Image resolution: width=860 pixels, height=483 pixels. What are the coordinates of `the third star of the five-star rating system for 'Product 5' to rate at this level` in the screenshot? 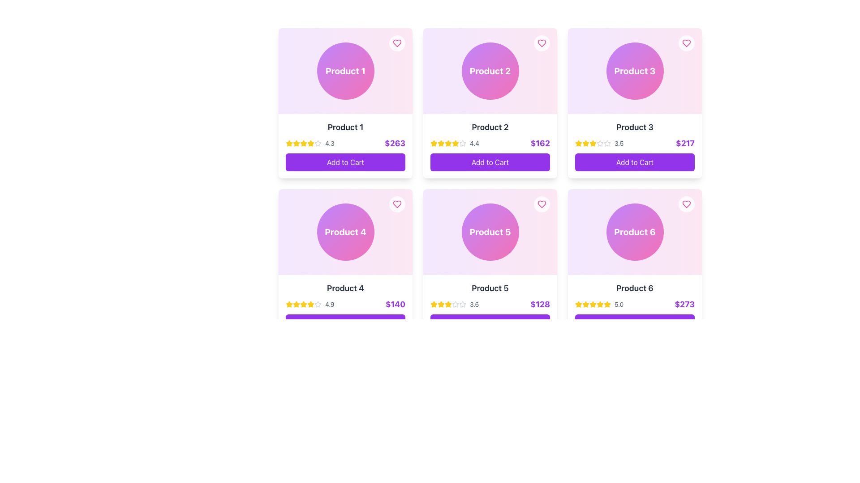 It's located at (441, 304).